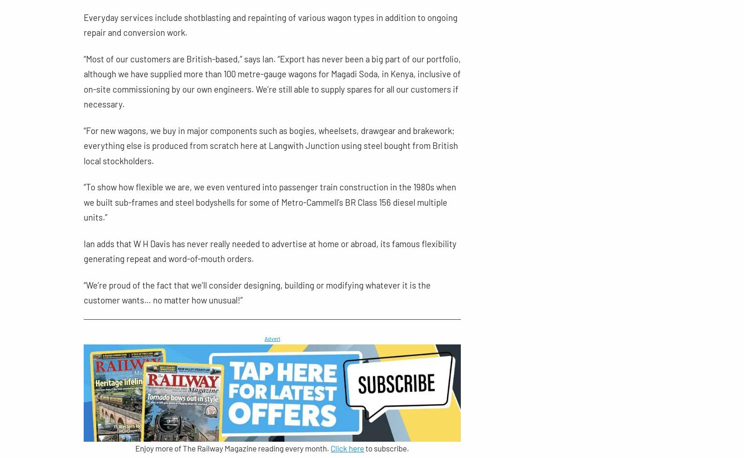 The width and height of the screenshot is (744, 458). I want to click on '“To show how flexible we are, we even ventured into passenger train construction in the 1980s when we built sub-frames and steel bodyshells for some of Metro-Cammell’s BR Class 156 diesel multiple units.”', so click(269, 202).